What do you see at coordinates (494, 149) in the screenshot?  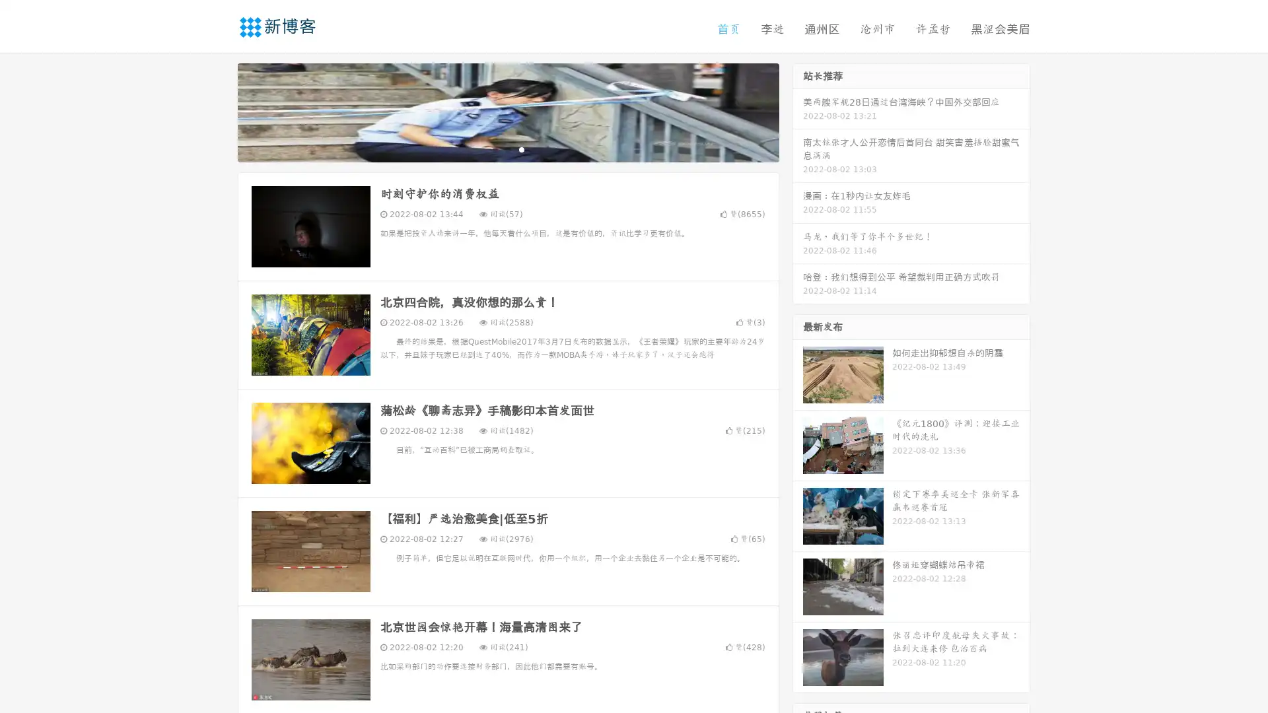 I see `Go to slide 1` at bounding box center [494, 149].